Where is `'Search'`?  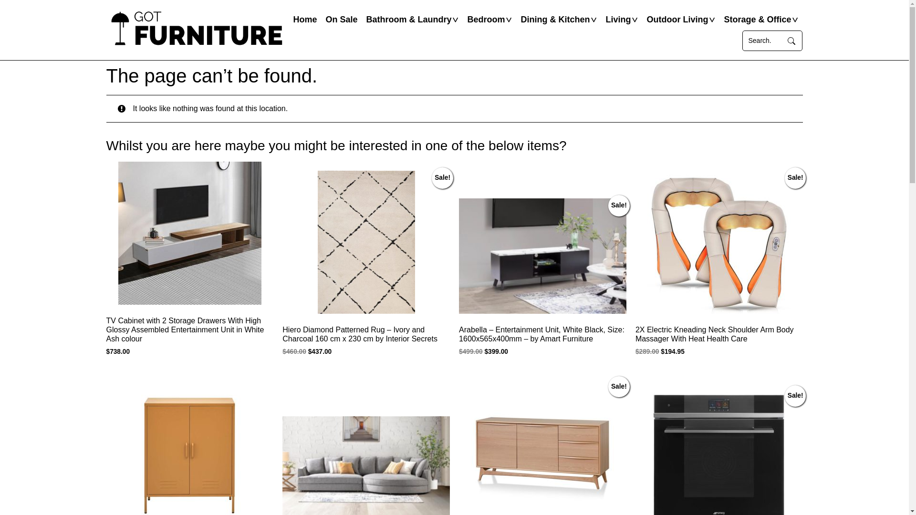 'Search' is located at coordinates (791, 40).